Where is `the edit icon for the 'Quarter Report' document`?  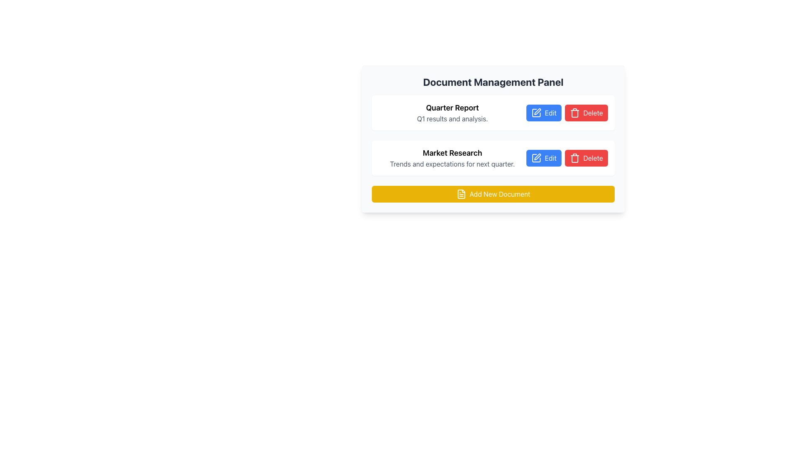 the edit icon for the 'Quarter Report' document is located at coordinates (536, 113).